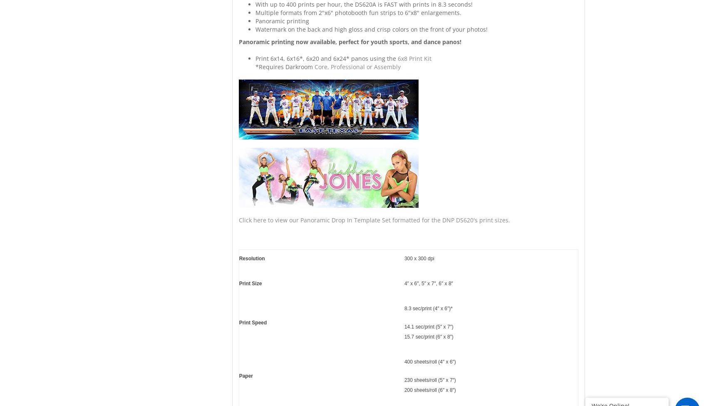  I want to click on '*Requires Darkroom', so click(285, 66).